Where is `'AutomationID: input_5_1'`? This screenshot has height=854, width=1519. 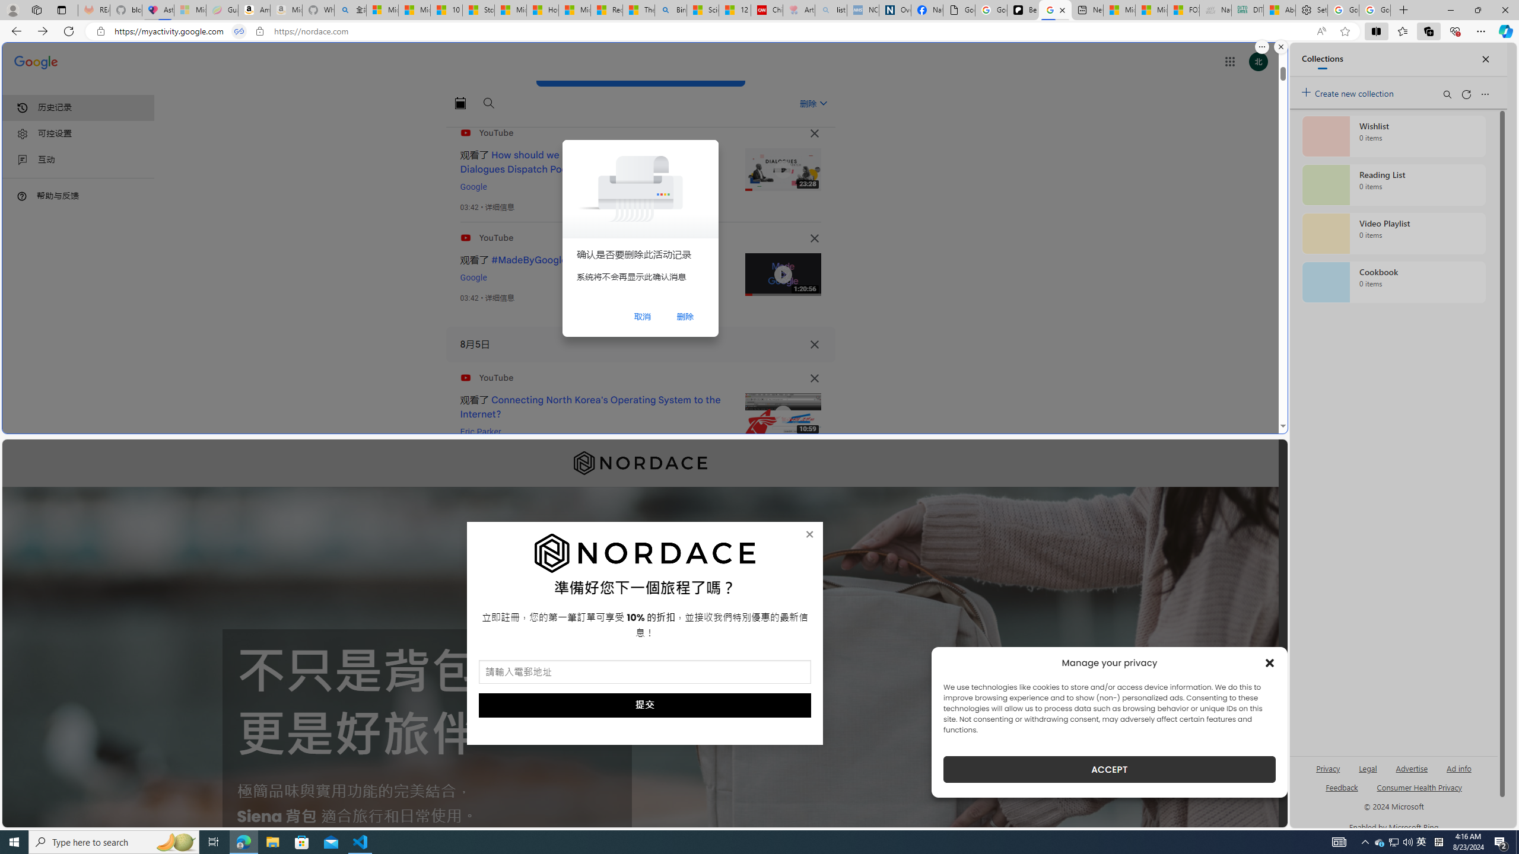
'AutomationID: input_5_1' is located at coordinates (644, 672).